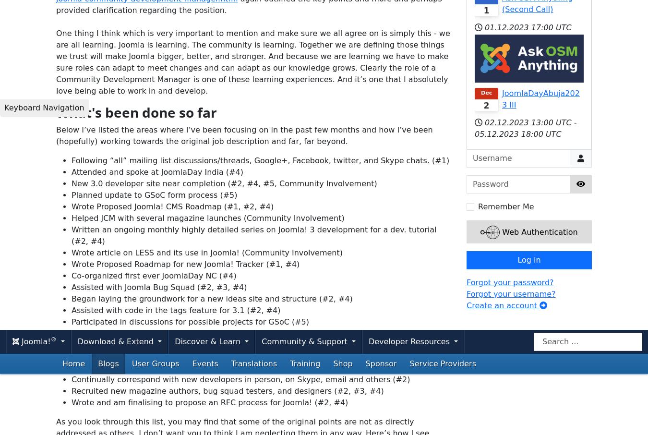  Describe the element at coordinates (419, 314) in the screenshot. I see `'pinterest'` at that location.